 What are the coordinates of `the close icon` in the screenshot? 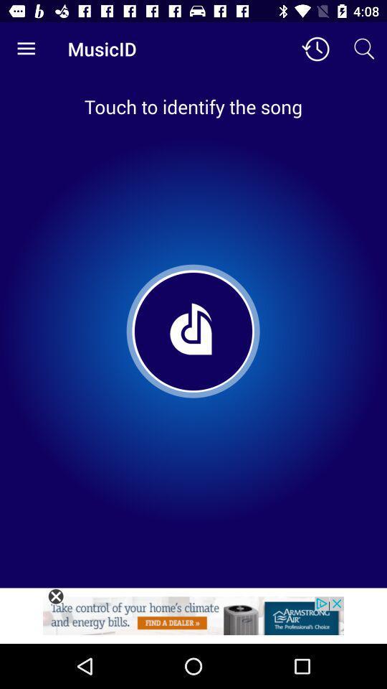 It's located at (55, 596).